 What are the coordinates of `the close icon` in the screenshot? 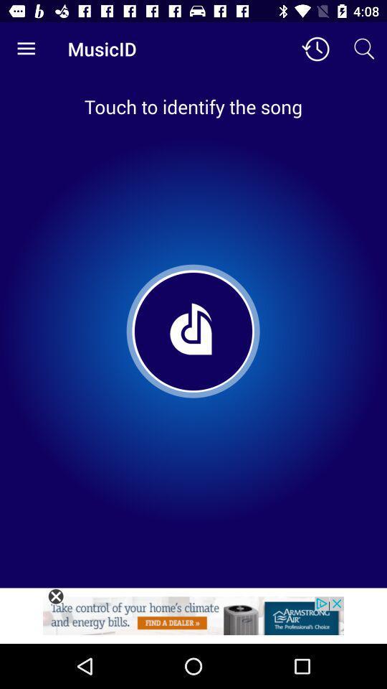 It's located at (55, 596).